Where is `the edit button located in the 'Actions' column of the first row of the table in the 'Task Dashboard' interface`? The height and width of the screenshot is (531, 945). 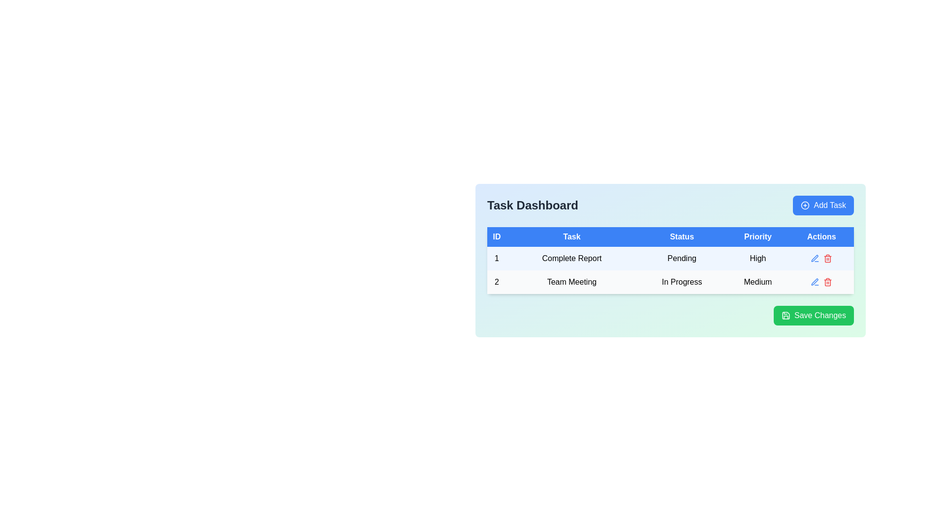 the edit button located in the 'Actions' column of the first row of the table in the 'Task Dashboard' interface is located at coordinates (821, 258).